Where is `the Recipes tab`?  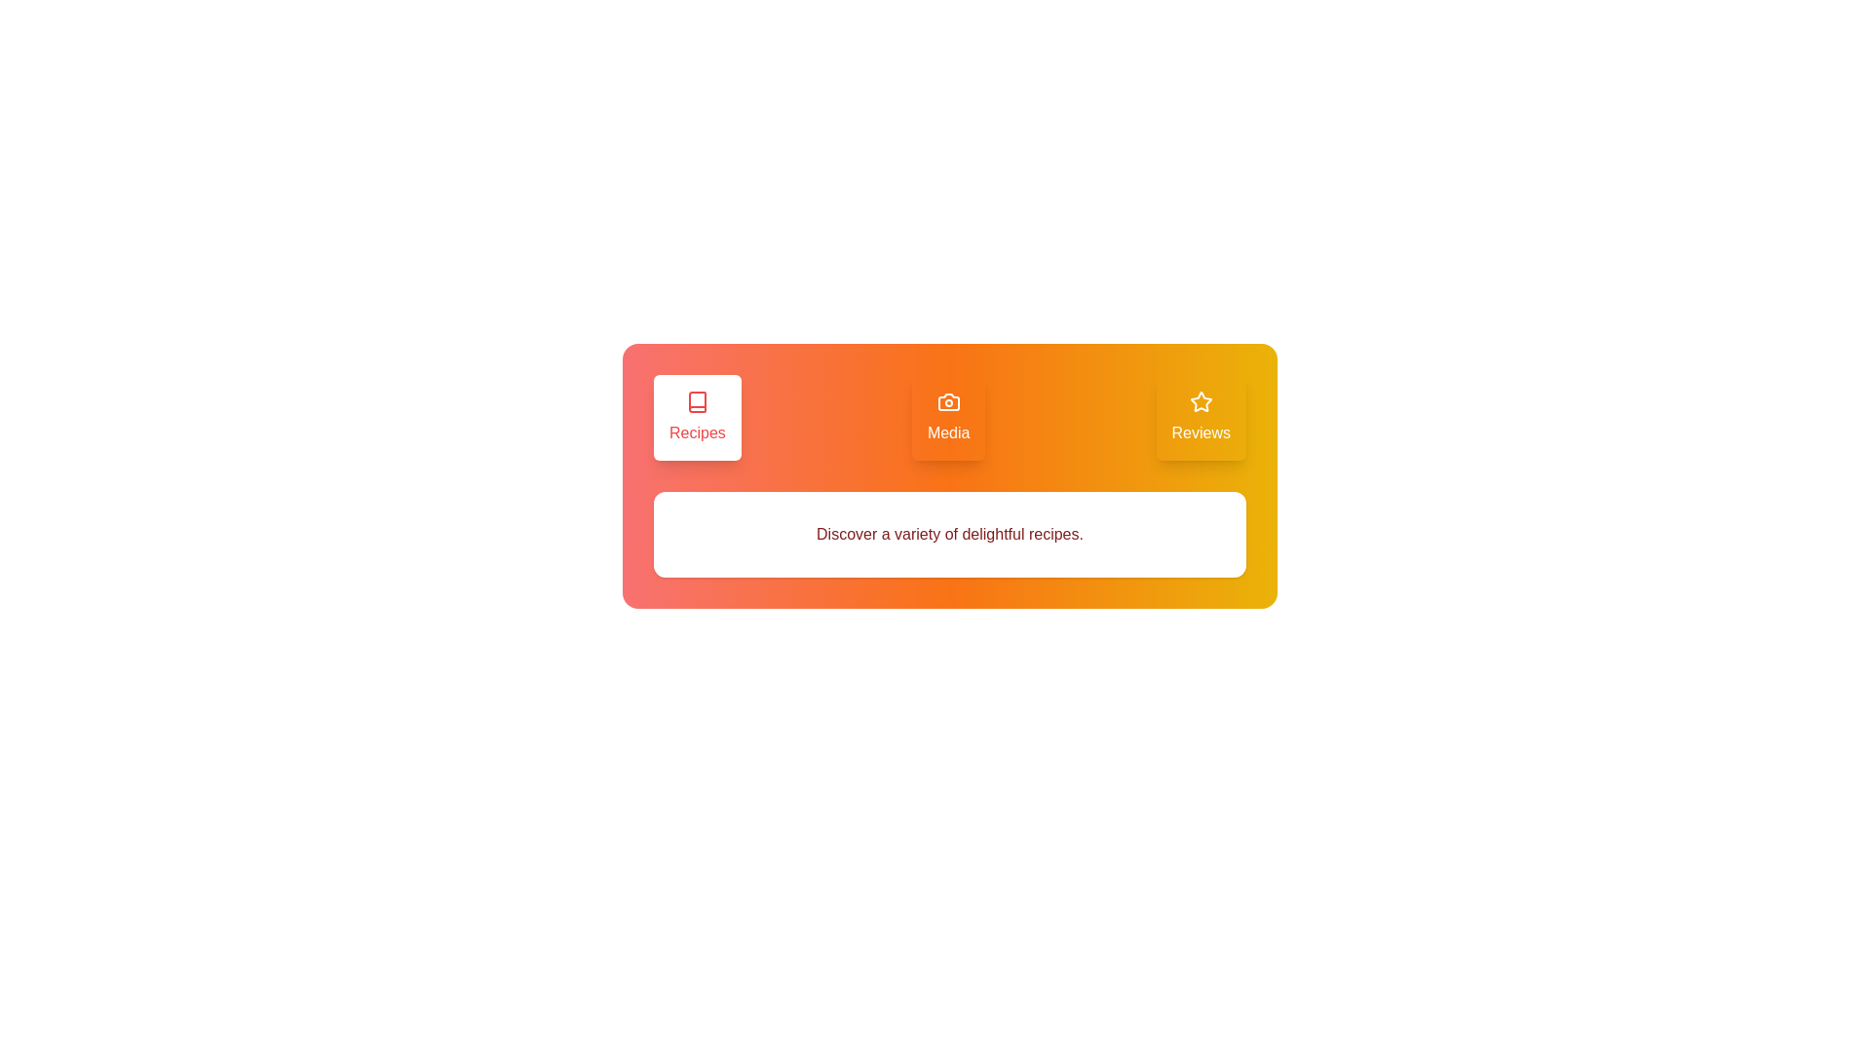
the Recipes tab is located at coordinates (697, 416).